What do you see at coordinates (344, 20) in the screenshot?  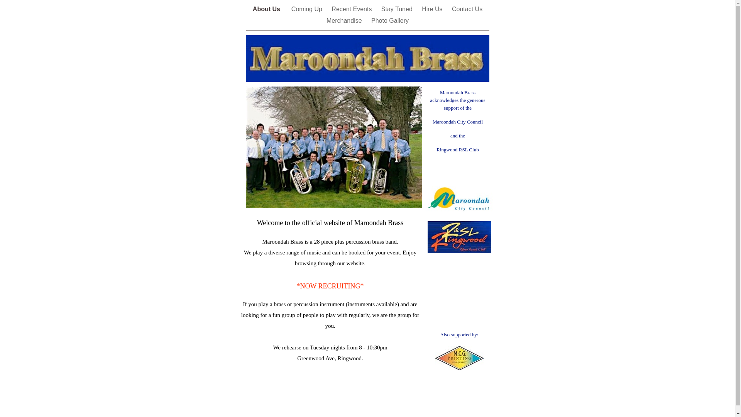 I see `'Merchandise'` at bounding box center [344, 20].